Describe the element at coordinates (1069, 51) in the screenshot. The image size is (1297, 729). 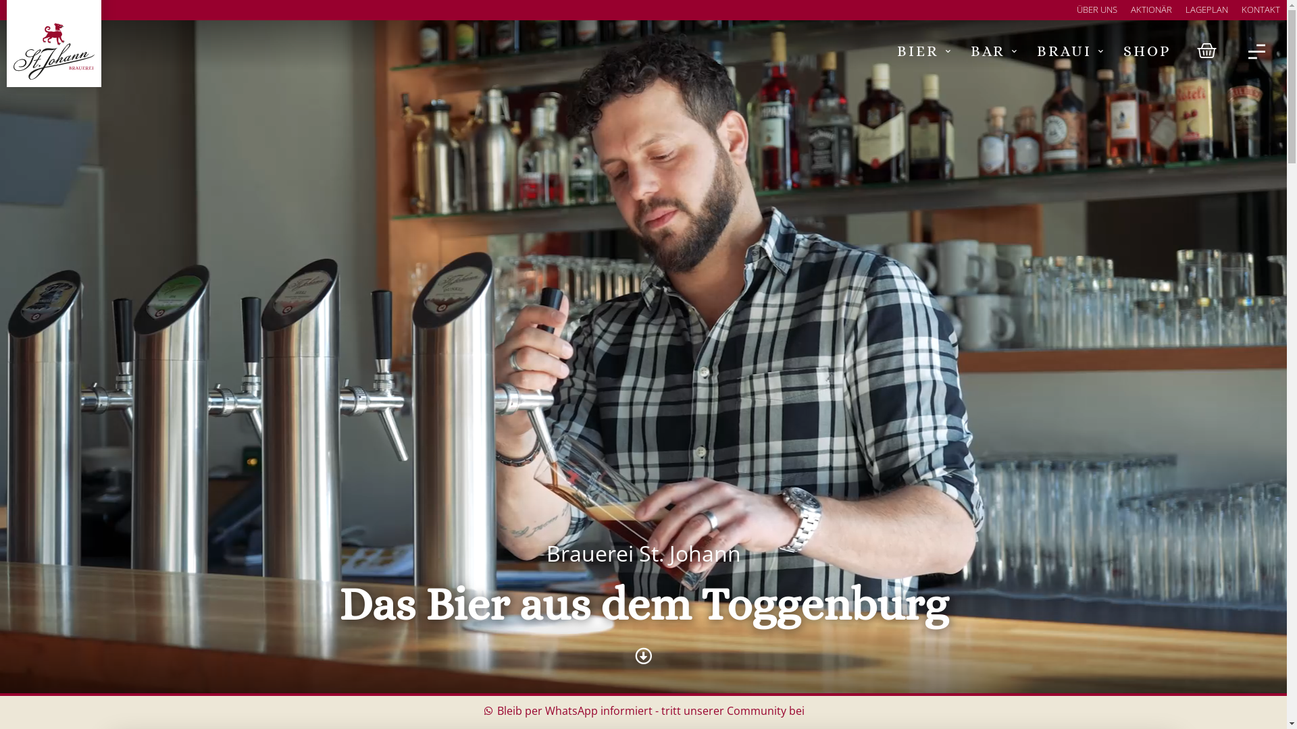
I see `'BRAUI'` at that location.